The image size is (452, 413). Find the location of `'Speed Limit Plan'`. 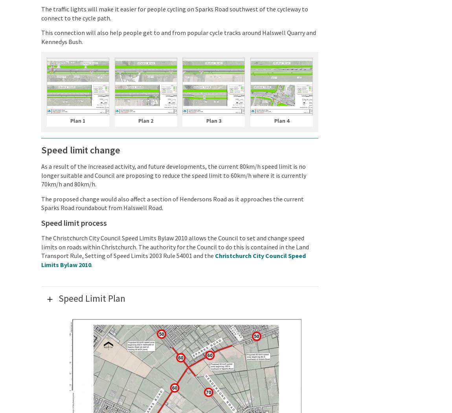

'Speed Limit Plan' is located at coordinates (92, 298).